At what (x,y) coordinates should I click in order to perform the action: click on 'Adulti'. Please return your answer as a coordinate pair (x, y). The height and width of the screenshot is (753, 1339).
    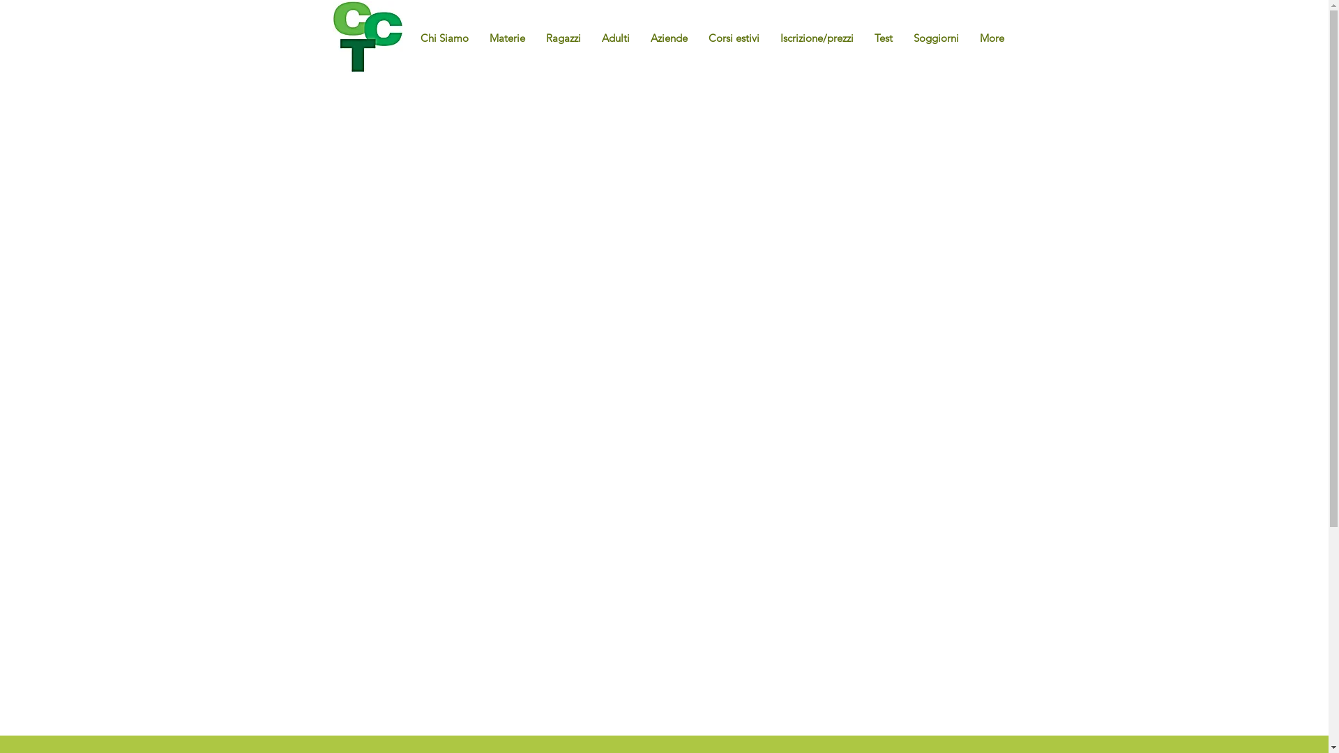
    Looking at the image, I should click on (615, 37).